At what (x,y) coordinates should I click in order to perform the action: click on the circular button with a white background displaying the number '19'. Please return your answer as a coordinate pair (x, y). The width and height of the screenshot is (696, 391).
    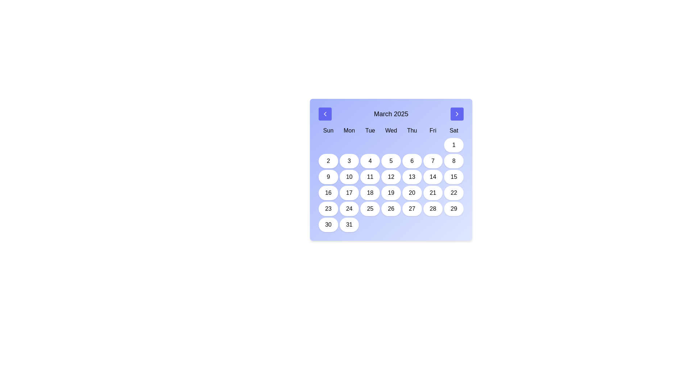
    Looking at the image, I should click on (391, 192).